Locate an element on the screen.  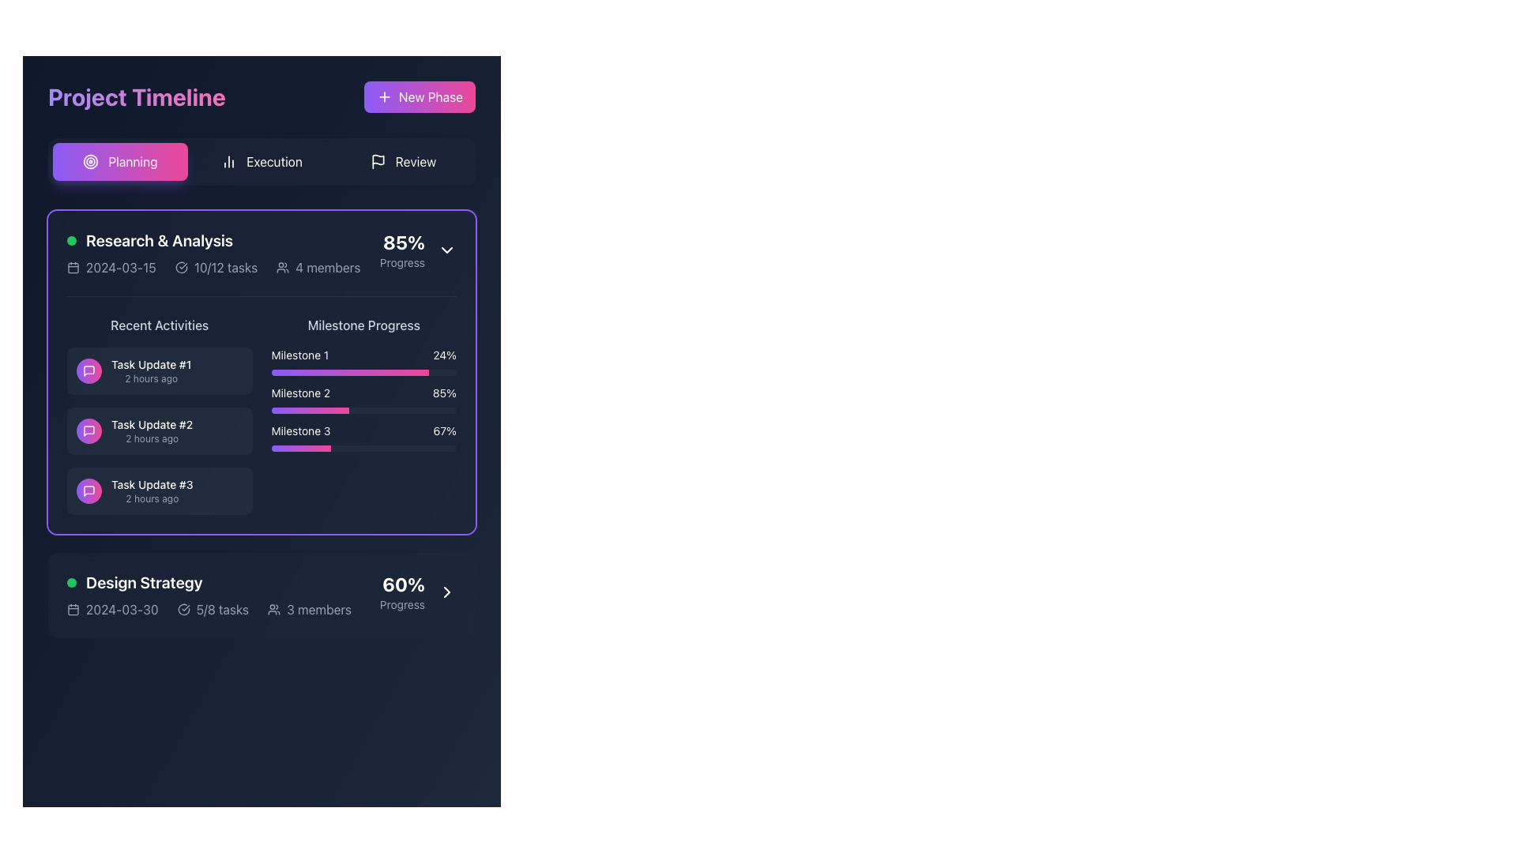
the icon representing multiple user silhouettes located in the 'Design Strategy' milestone section, positioned to the left of the '3 members' text and below the '5/8 tasks' progress information is located at coordinates (274, 608).